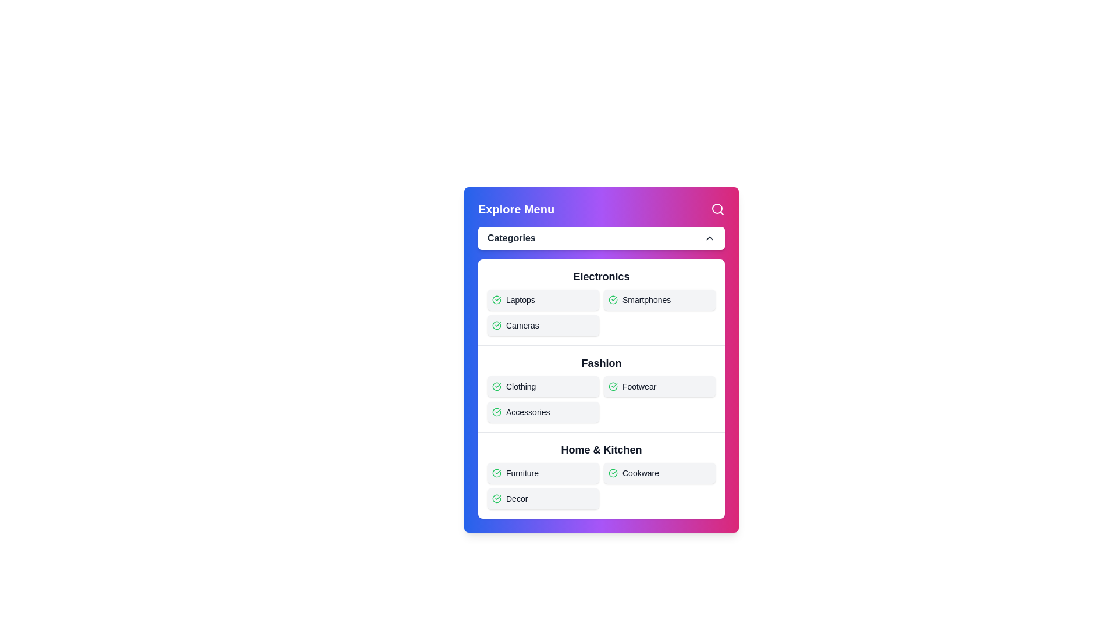 This screenshot has width=1117, height=628. I want to click on the 'Smartphones' selectable button, which is the second item in the grid under 'Electronics', to observe potential hover effects, so click(659, 299).